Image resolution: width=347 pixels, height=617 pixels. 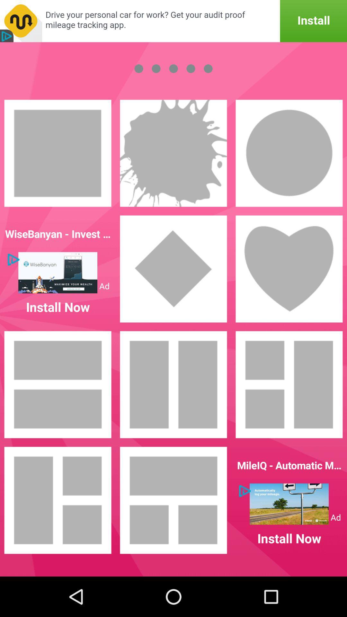 I want to click on it picks that shape, so click(x=58, y=153).